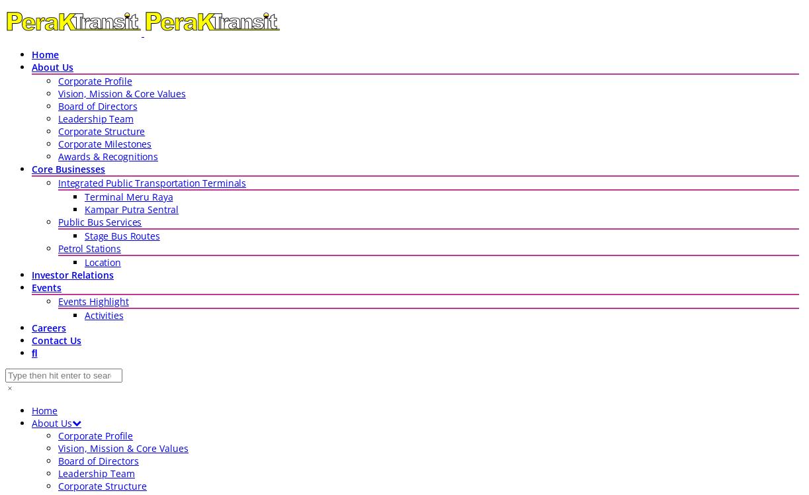  Describe the element at coordinates (89, 248) in the screenshot. I see `'Petrol Stations'` at that location.